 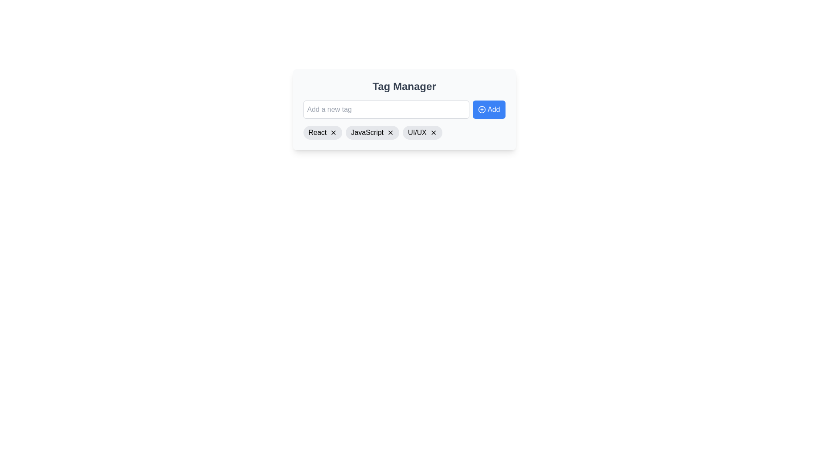 What do you see at coordinates (404, 87) in the screenshot?
I see `the static text label indicating 'Tag Manager', which serves as a heading for the section below it` at bounding box center [404, 87].